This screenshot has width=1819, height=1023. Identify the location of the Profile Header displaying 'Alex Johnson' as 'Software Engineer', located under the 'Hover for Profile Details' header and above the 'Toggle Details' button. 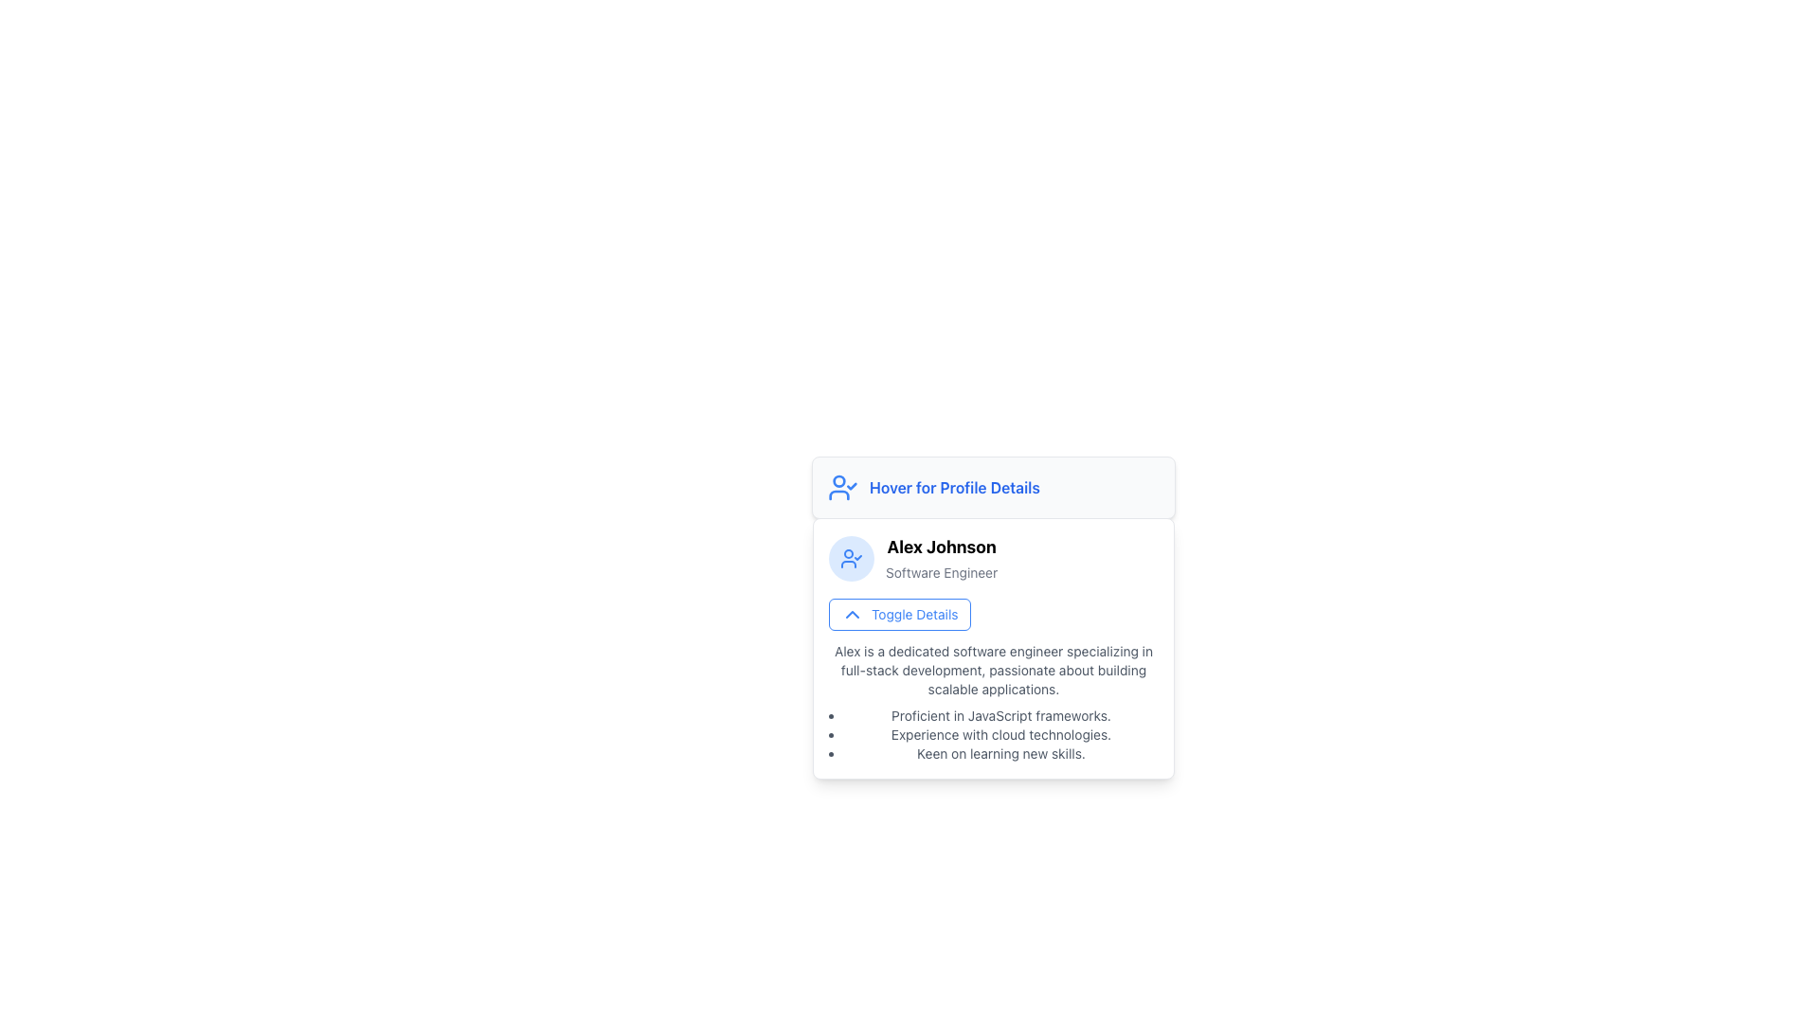
(993, 558).